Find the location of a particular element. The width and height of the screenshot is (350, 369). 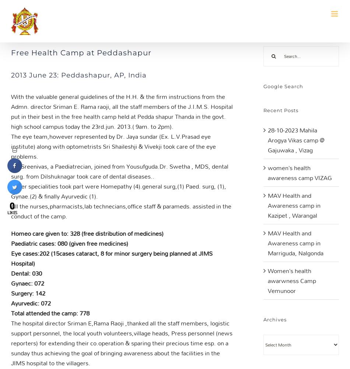

'MAV Health and Awareness camp in Kazipet , Warangal' is located at coordinates (294, 205).